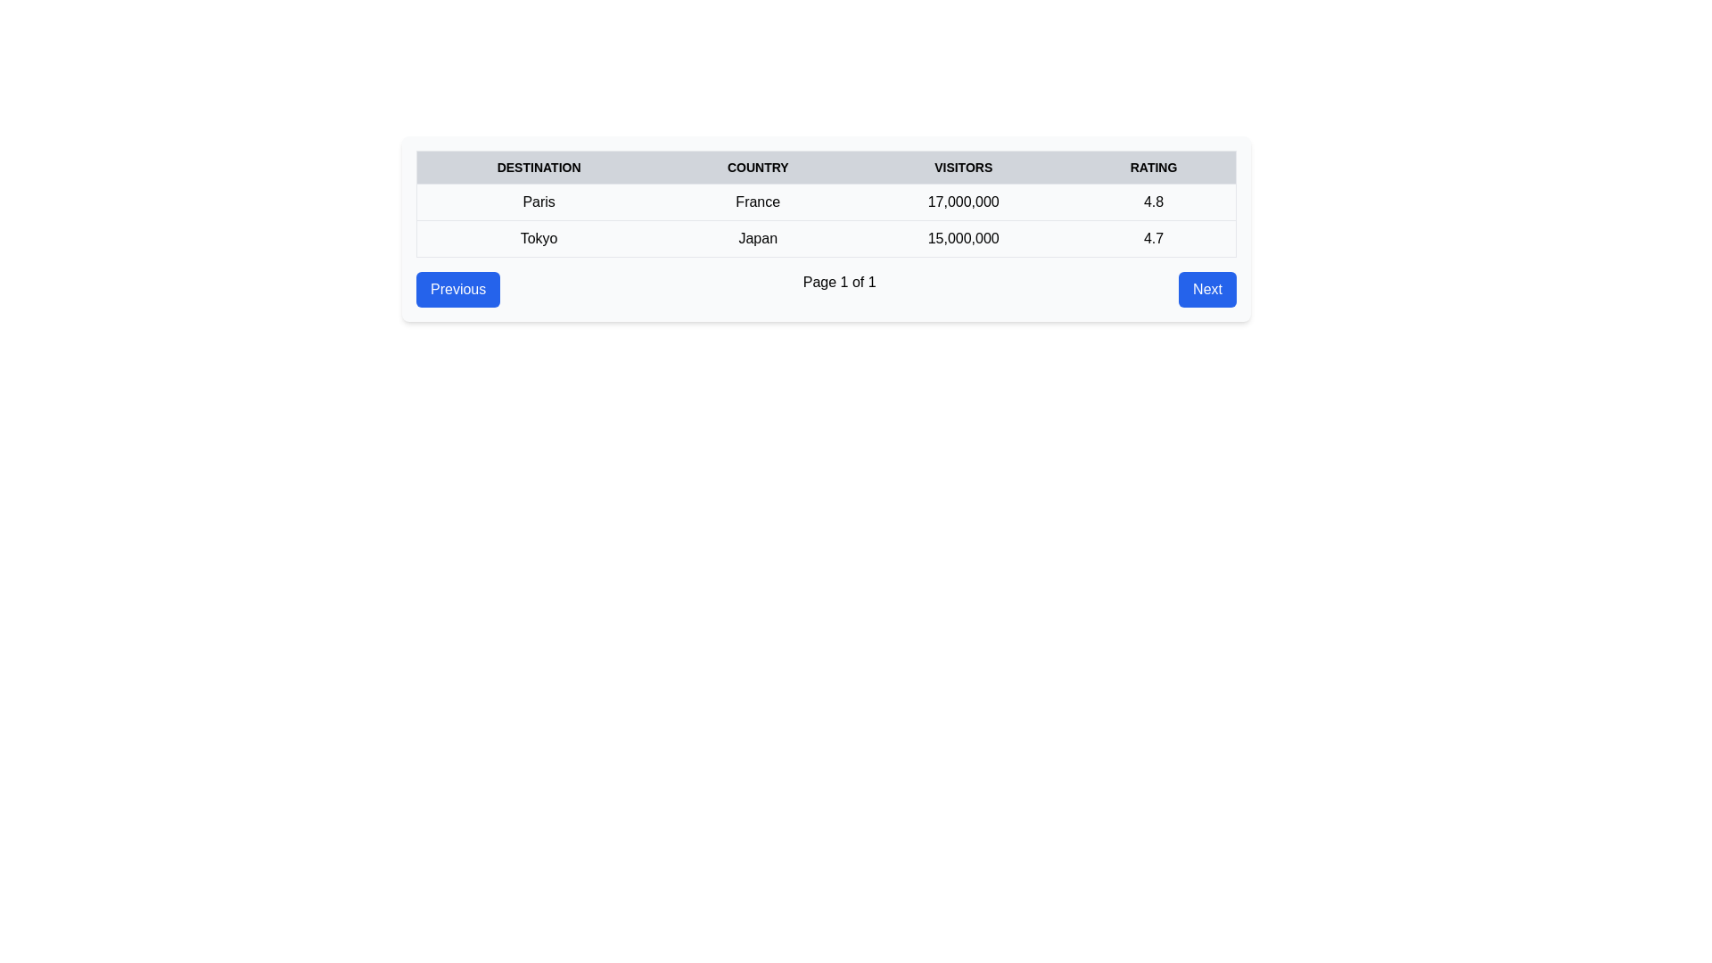 The width and height of the screenshot is (1712, 963). Describe the element at coordinates (962, 237) in the screenshot. I see `the static text display showing '15 million' visitors for 'Tokyo, Japan' located in the third column under the 'VISITORS' header` at that location.